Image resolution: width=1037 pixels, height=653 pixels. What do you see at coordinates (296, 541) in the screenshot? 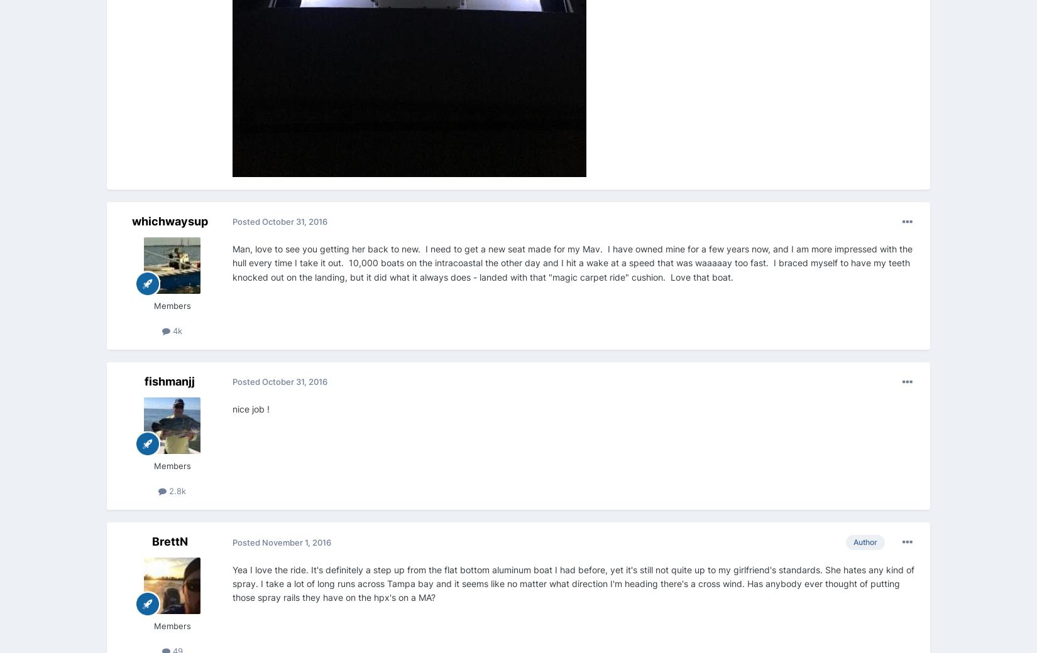
I see `'November 1, 2016'` at bounding box center [296, 541].